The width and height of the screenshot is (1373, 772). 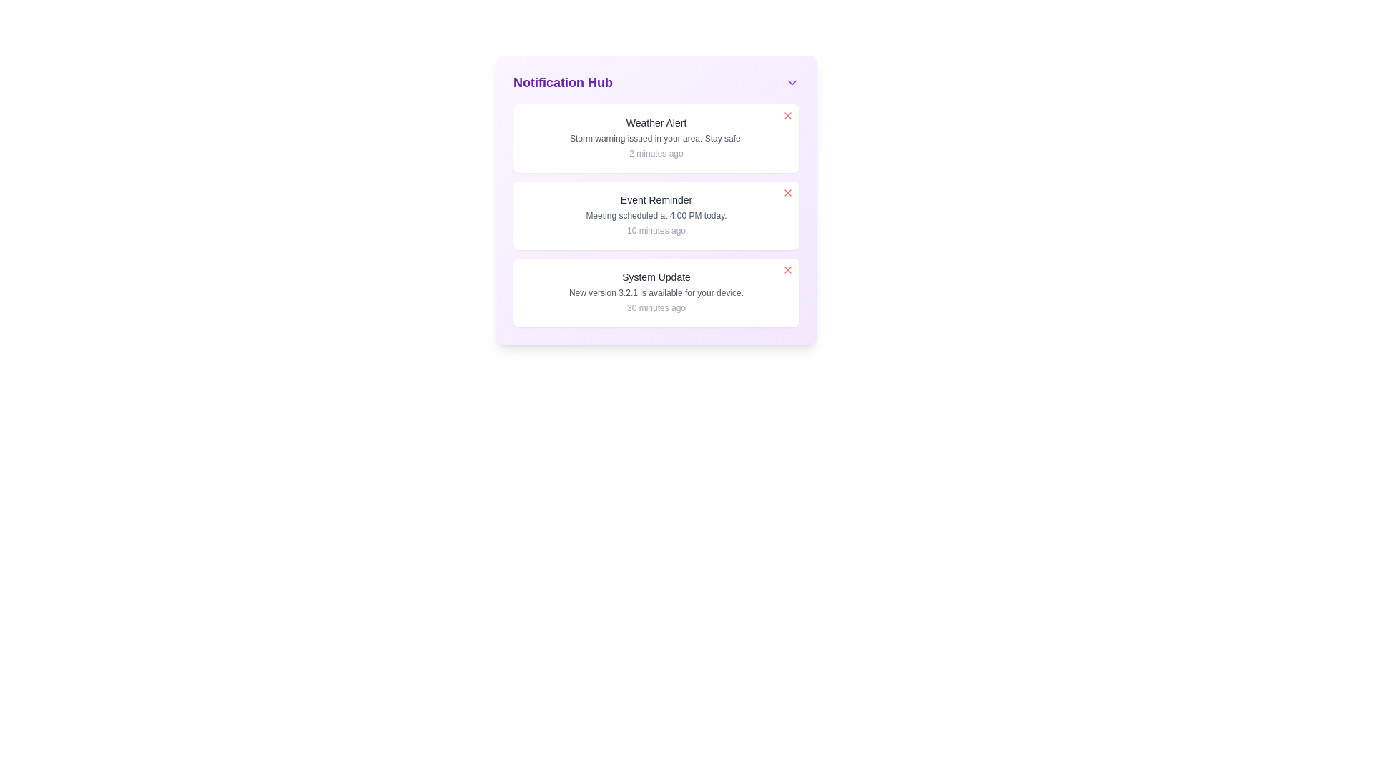 What do you see at coordinates (655, 122) in the screenshot?
I see `the 'Weather Alert' text label, which is styled in medium-sized dark gray font within a white notification box in the 'Notification Hub' section` at bounding box center [655, 122].